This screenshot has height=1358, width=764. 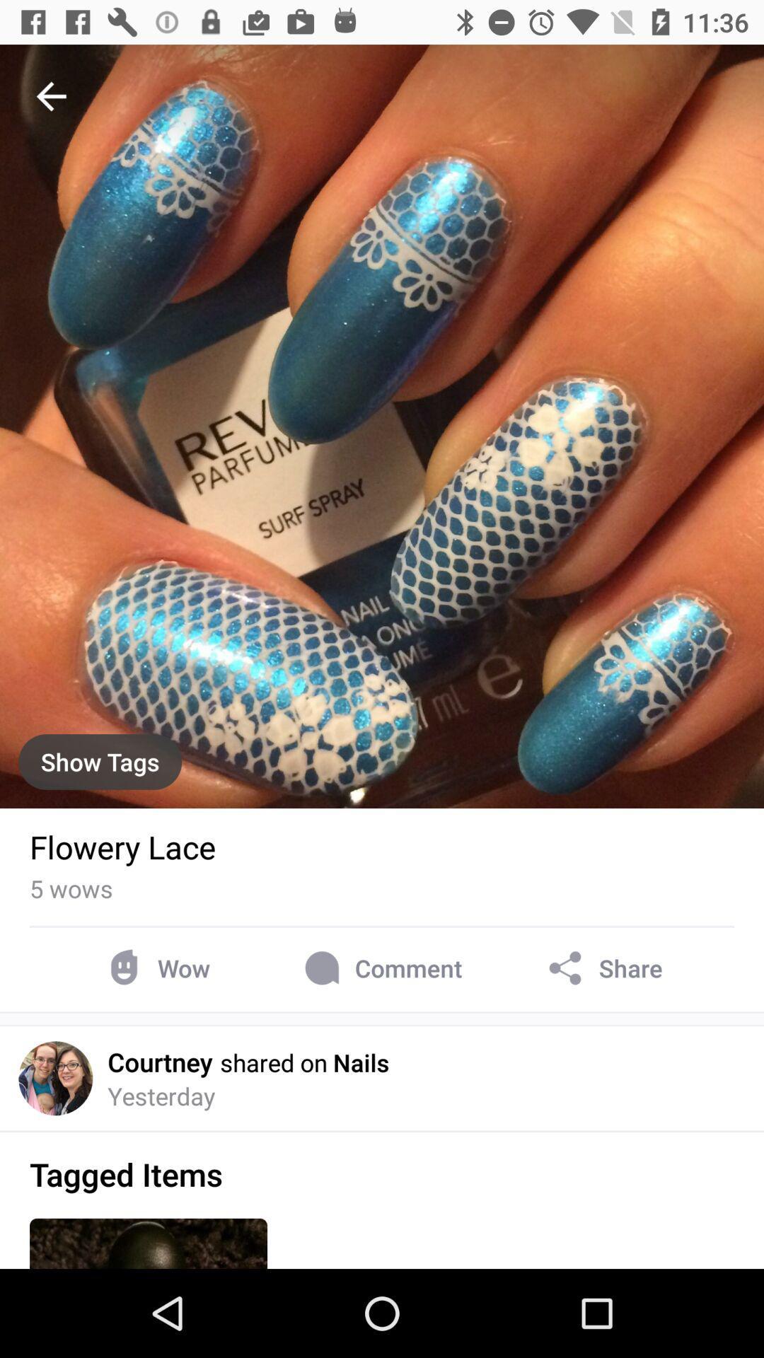 What do you see at coordinates (156, 968) in the screenshot?
I see `wow item` at bounding box center [156, 968].